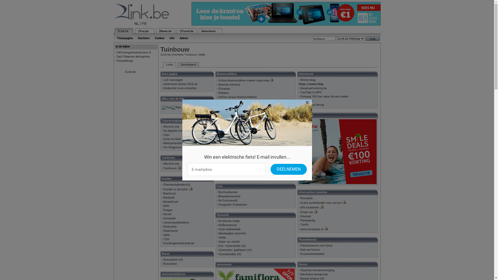 This screenshot has height=280, width=498. Describe the element at coordinates (173, 260) in the screenshot. I see `'Buxusplant (nl)'` at that location.